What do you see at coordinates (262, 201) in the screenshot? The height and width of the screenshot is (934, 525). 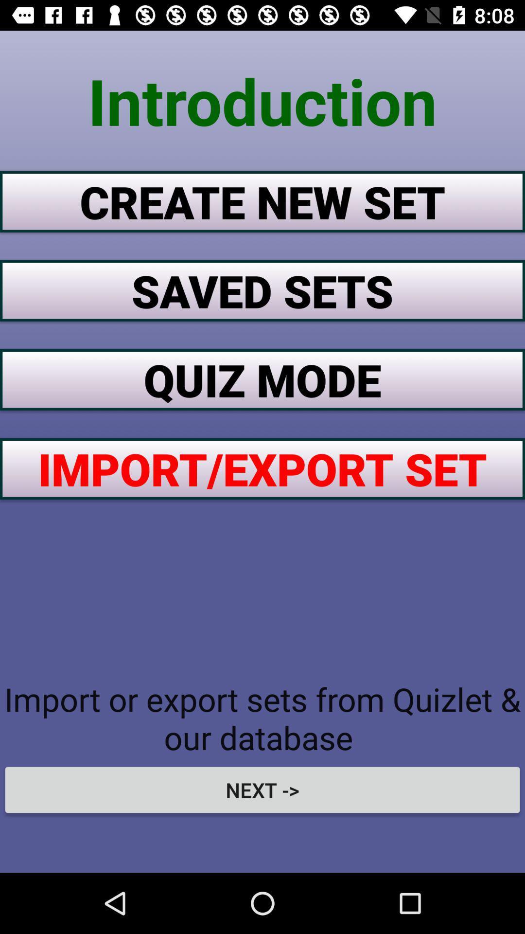 I see `item below introduction item` at bounding box center [262, 201].